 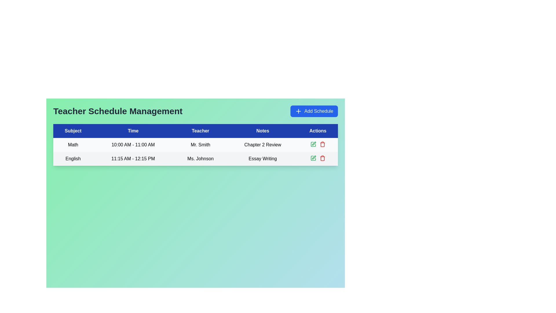 I want to click on the red trash can icon button located in the 'Actions' column of the second row in the table to initiate the delete action, so click(x=322, y=158).